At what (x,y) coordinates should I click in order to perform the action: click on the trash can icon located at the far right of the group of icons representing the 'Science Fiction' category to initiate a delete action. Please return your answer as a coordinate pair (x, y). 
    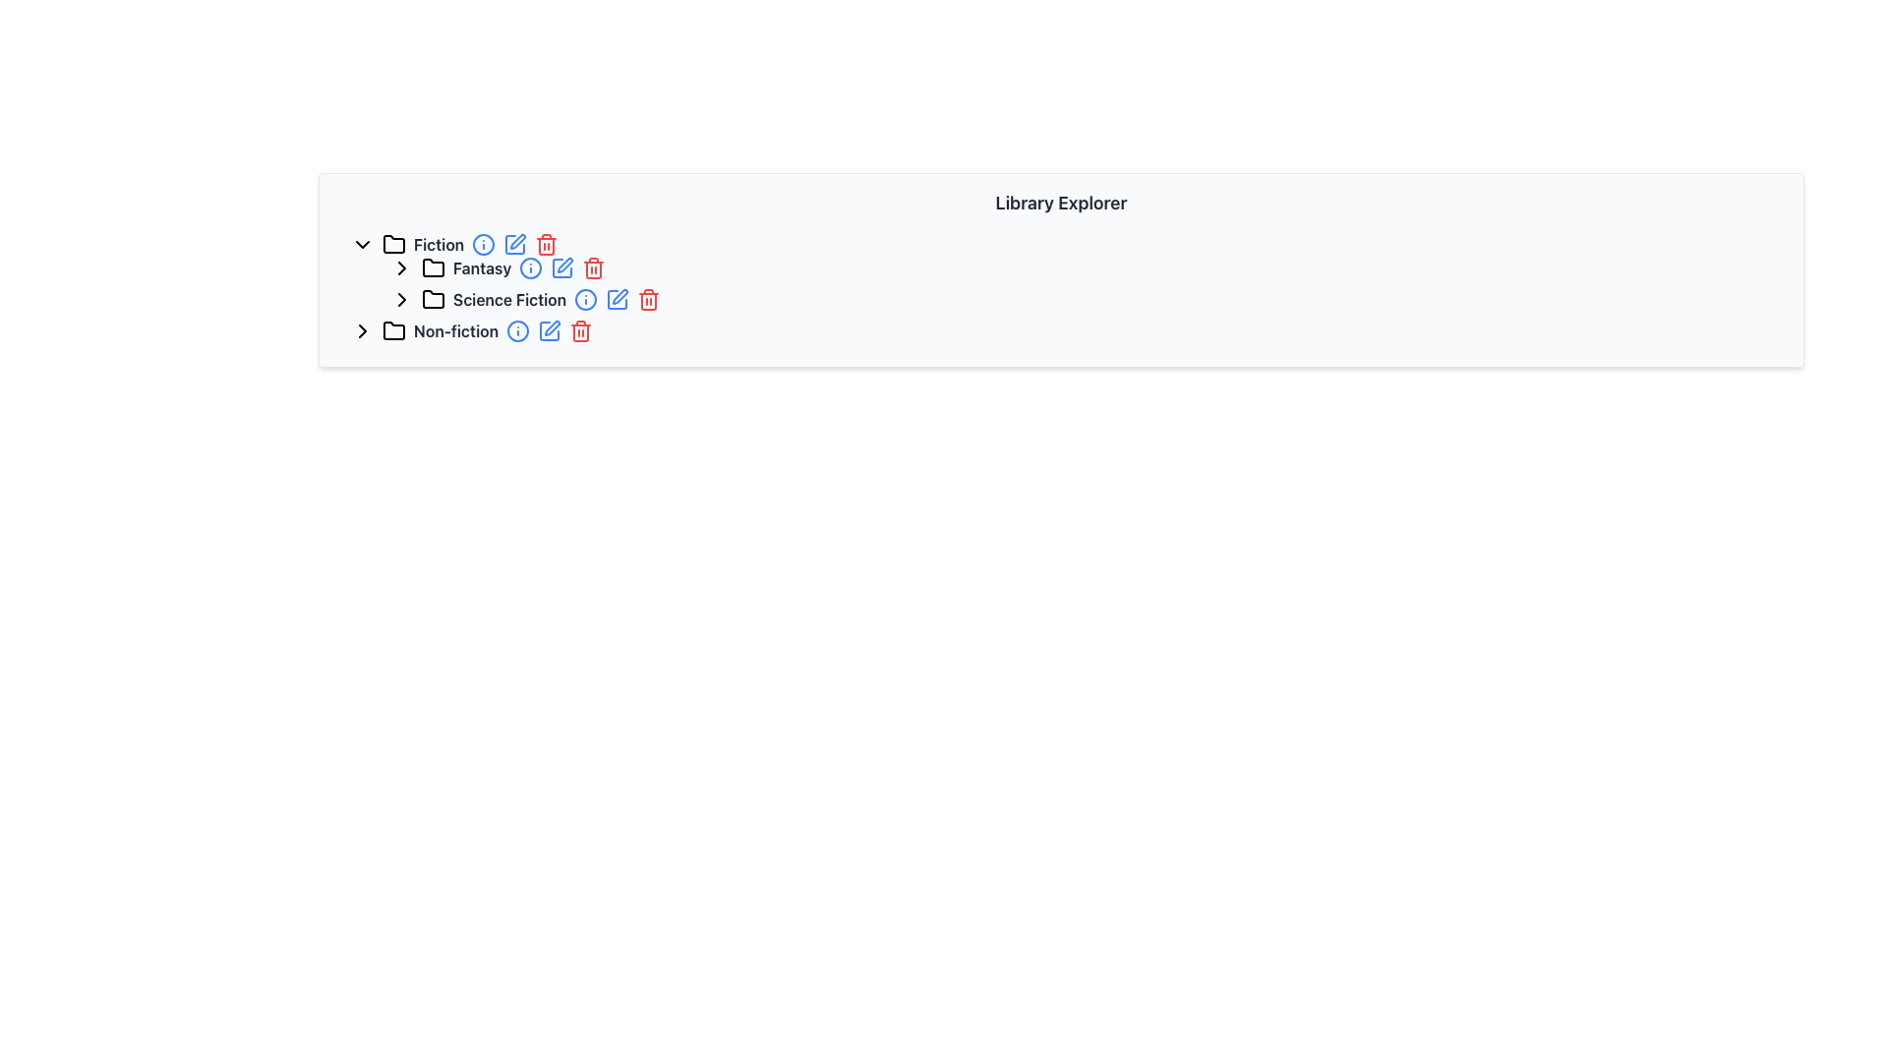
    Looking at the image, I should click on (649, 299).